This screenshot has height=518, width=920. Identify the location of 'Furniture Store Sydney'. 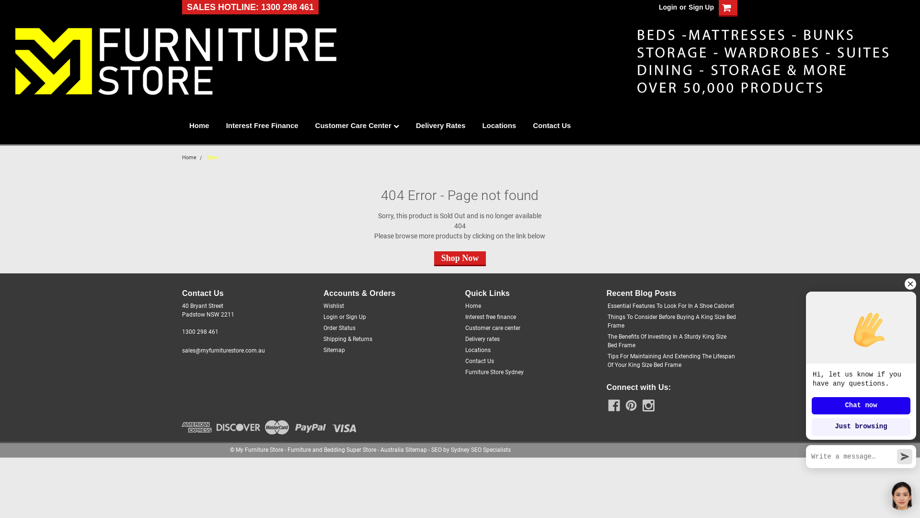
(494, 371).